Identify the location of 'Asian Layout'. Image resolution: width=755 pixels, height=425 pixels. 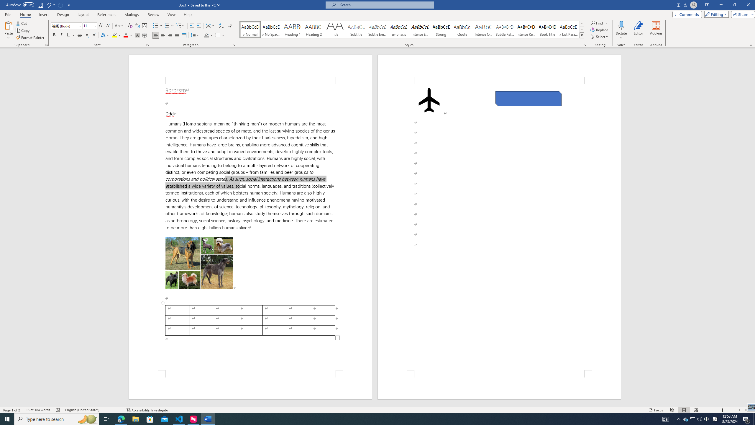
(210, 26).